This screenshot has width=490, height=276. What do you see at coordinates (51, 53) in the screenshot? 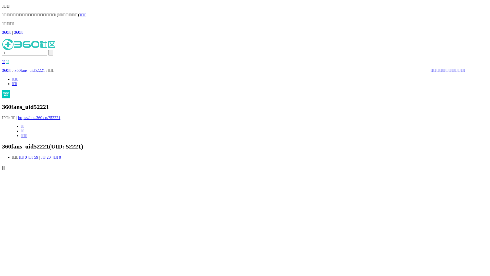
I see `' '` at bounding box center [51, 53].